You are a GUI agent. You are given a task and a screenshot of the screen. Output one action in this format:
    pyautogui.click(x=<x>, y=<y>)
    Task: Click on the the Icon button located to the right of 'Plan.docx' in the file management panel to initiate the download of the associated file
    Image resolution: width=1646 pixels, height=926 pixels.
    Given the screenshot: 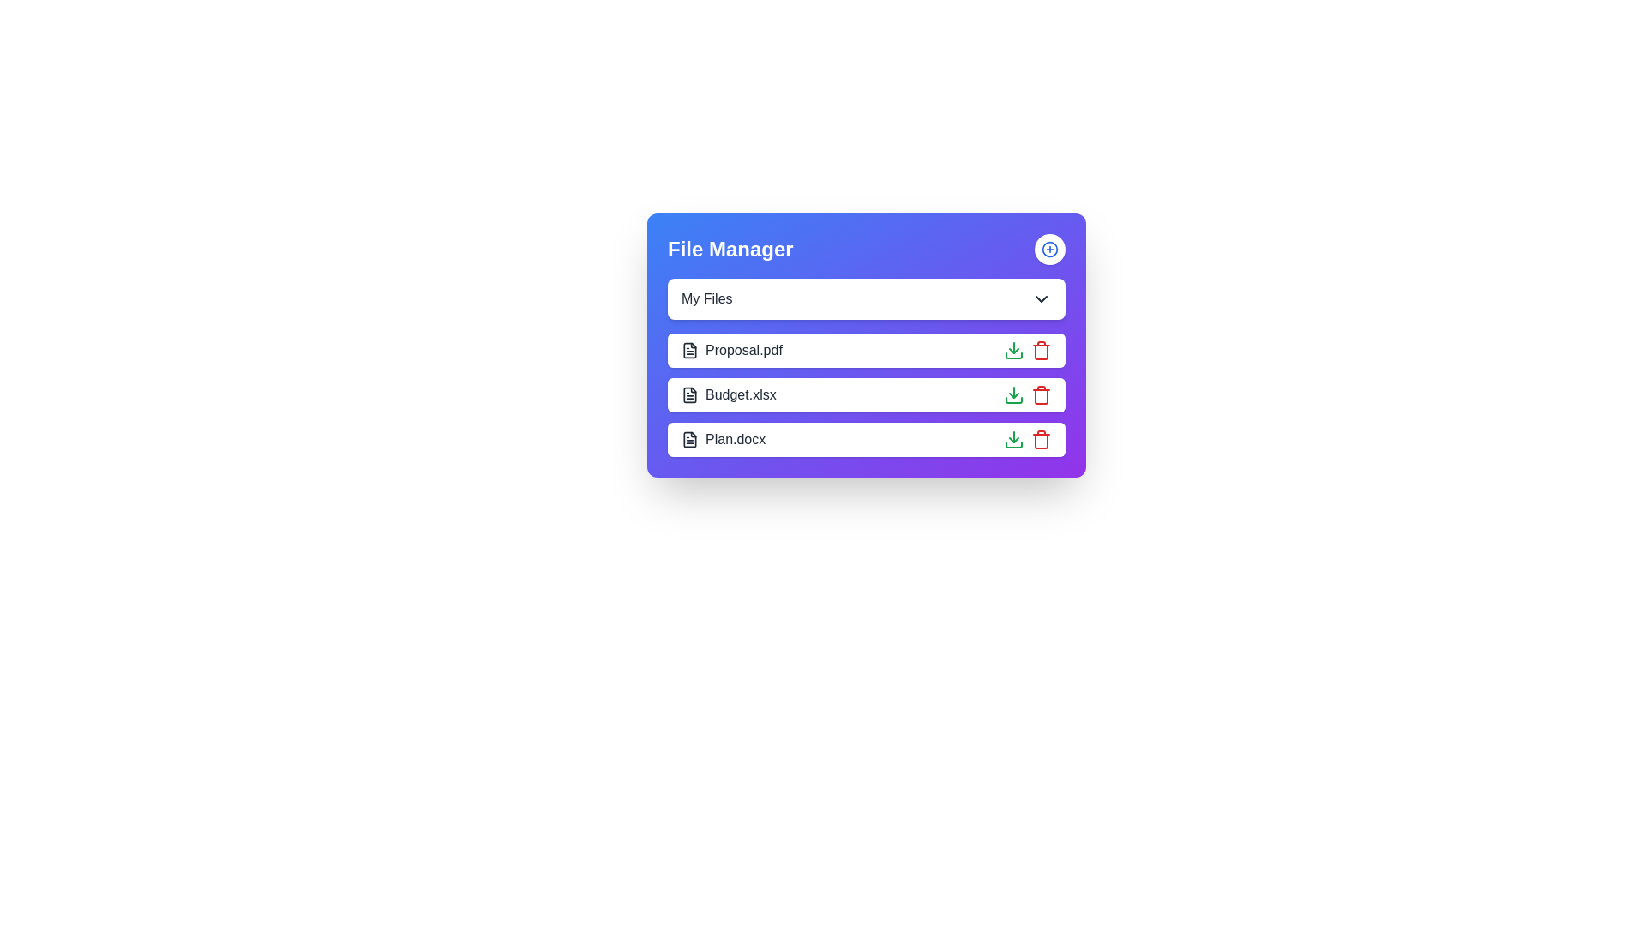 What is the action you would take?
    pyautogui.click(x=1013, y=439)
    